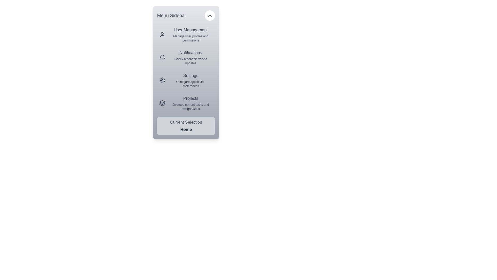  I want to click on the navigational link or button located directly beneath the 'Menu Sidebar' header, so click(186, 35).